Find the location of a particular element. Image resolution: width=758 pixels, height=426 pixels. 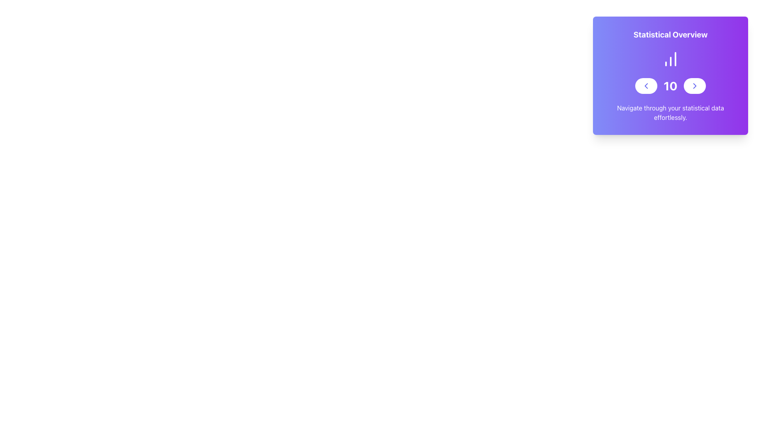

the forward navigation button located in a rounded rectangle on the right side of the small navigation panel to advance forward is located at coordinates (694, 86).